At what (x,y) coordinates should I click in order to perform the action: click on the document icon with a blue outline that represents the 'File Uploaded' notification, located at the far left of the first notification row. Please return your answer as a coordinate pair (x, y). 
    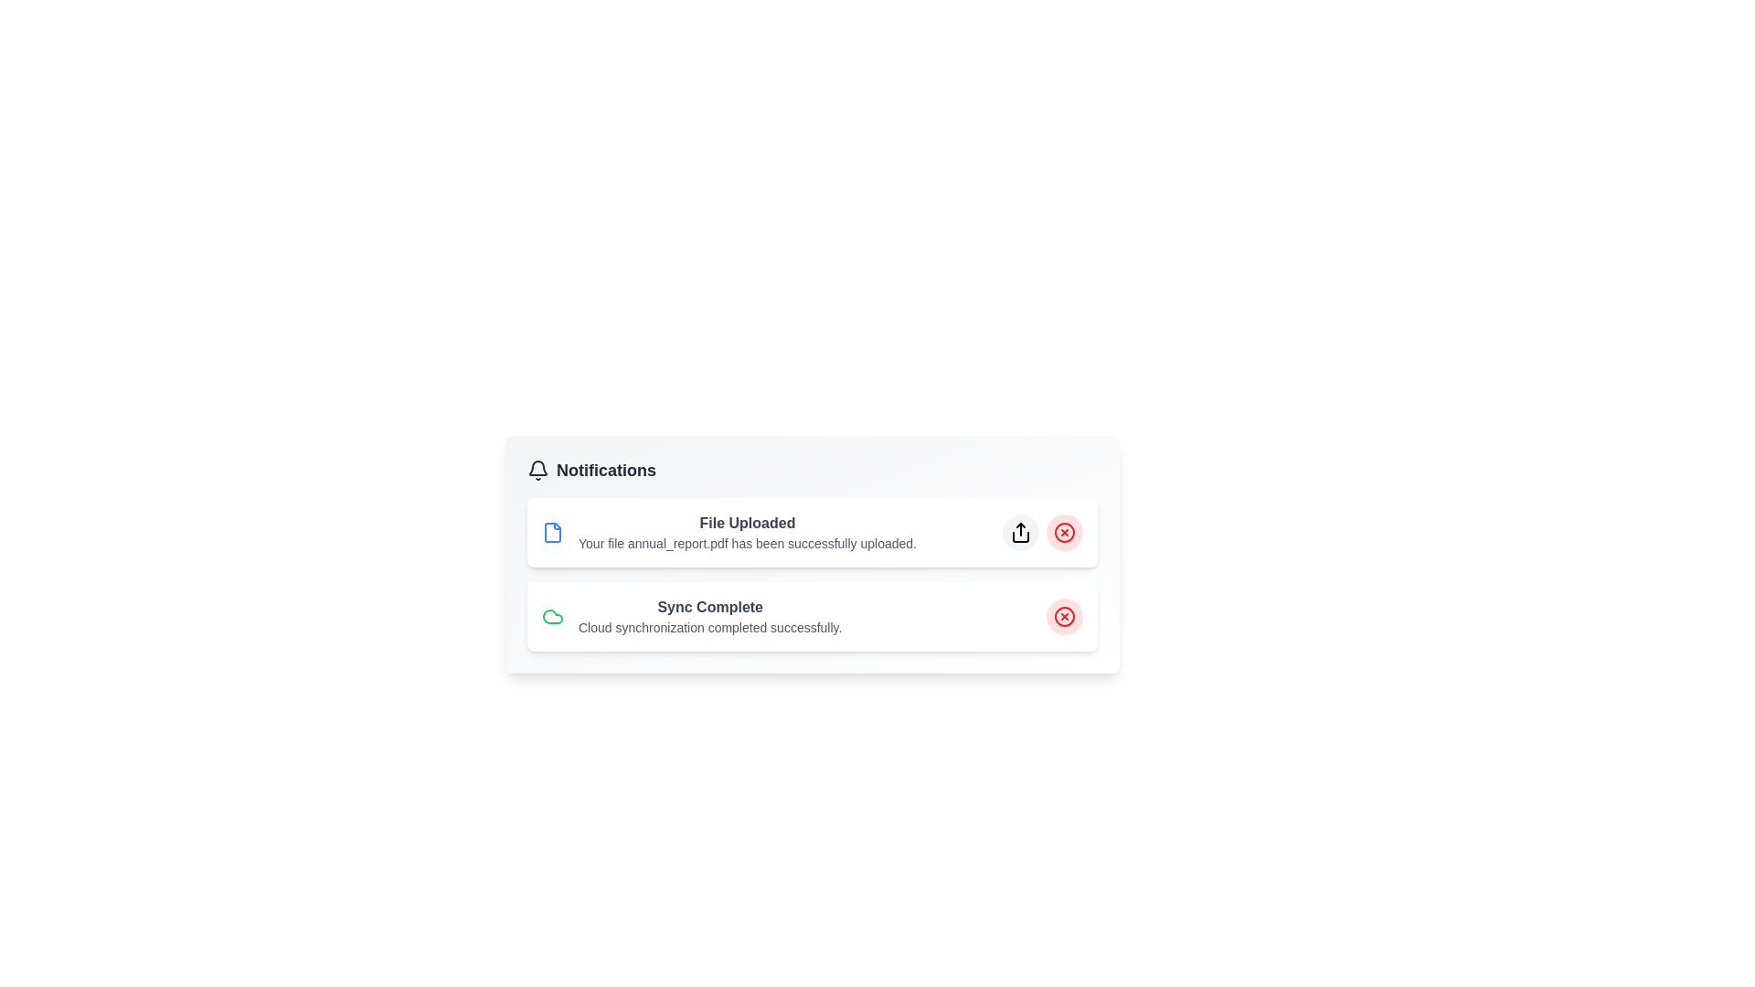
    Looking at the image, I should click on (551, 532).